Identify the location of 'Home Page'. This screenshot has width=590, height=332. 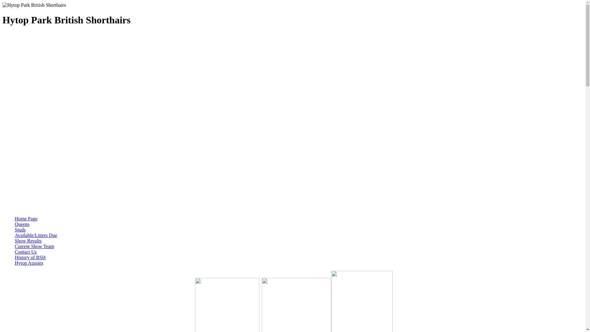
(26, 218).